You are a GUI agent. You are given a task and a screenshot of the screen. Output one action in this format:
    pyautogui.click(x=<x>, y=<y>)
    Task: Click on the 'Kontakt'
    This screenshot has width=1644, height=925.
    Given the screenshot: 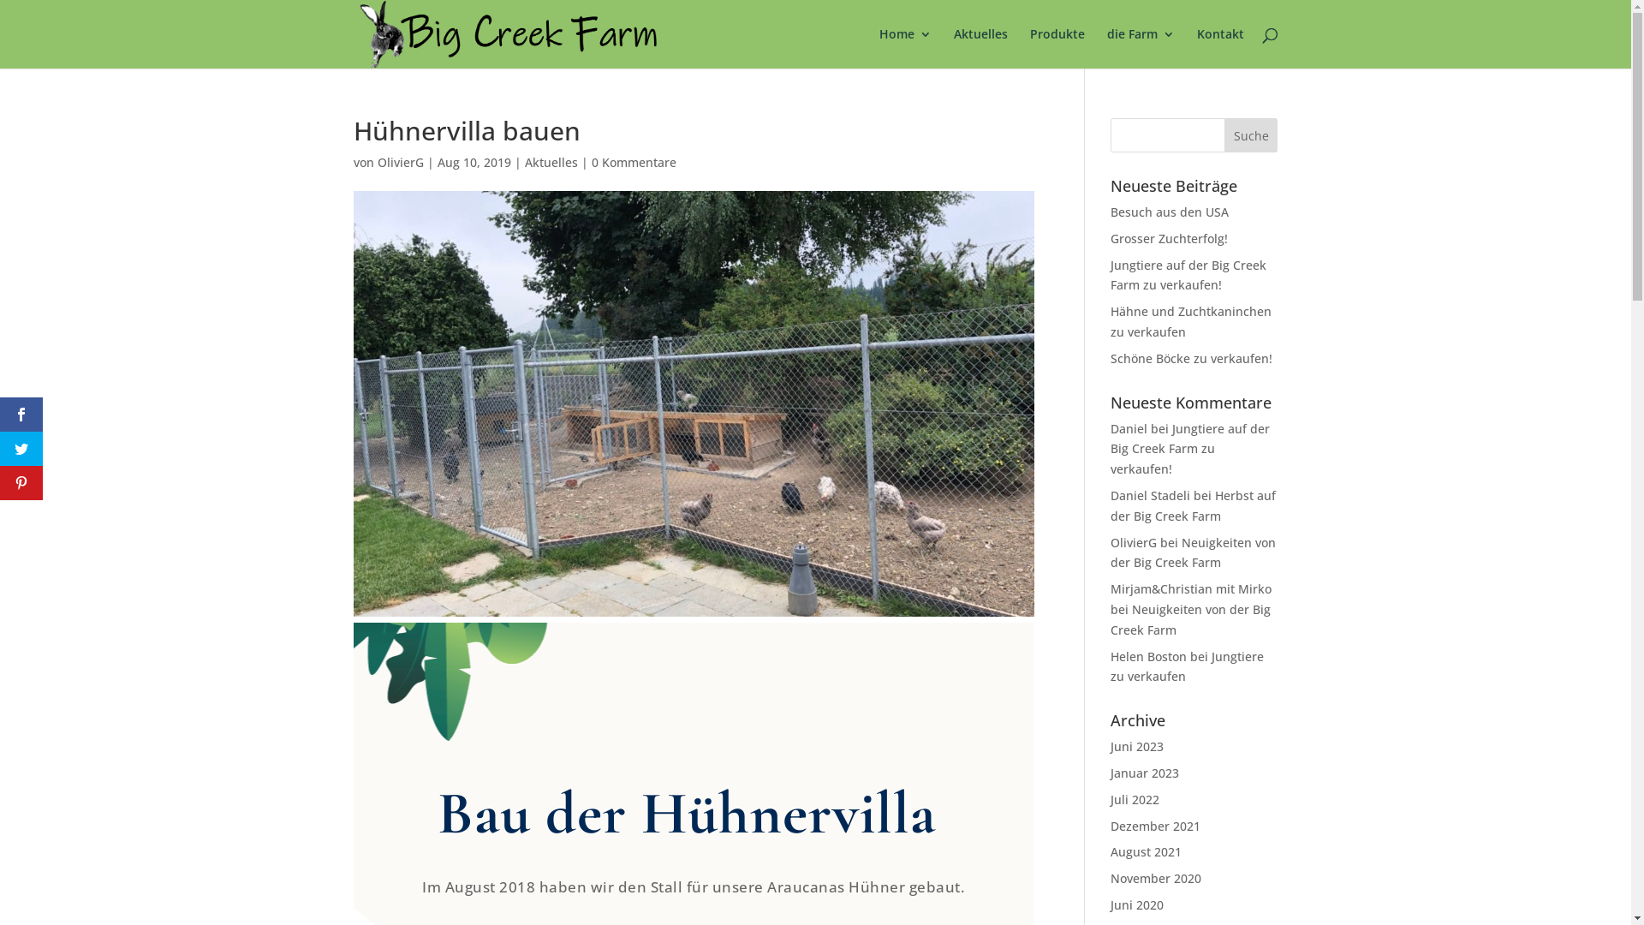 What is the action you would take?
    pyautogui.click(x=1195, y=47)
    